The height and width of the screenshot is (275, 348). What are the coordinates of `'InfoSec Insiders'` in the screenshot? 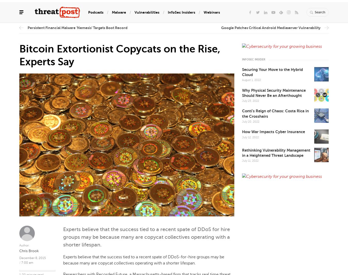 It's located at (181, 12).